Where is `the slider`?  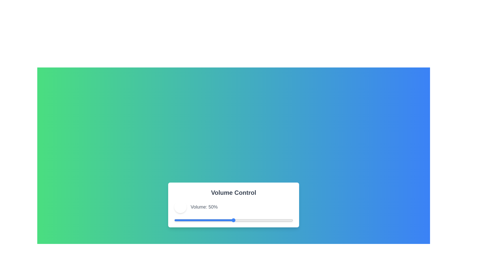
the slider is located at coordinates (215, 220).